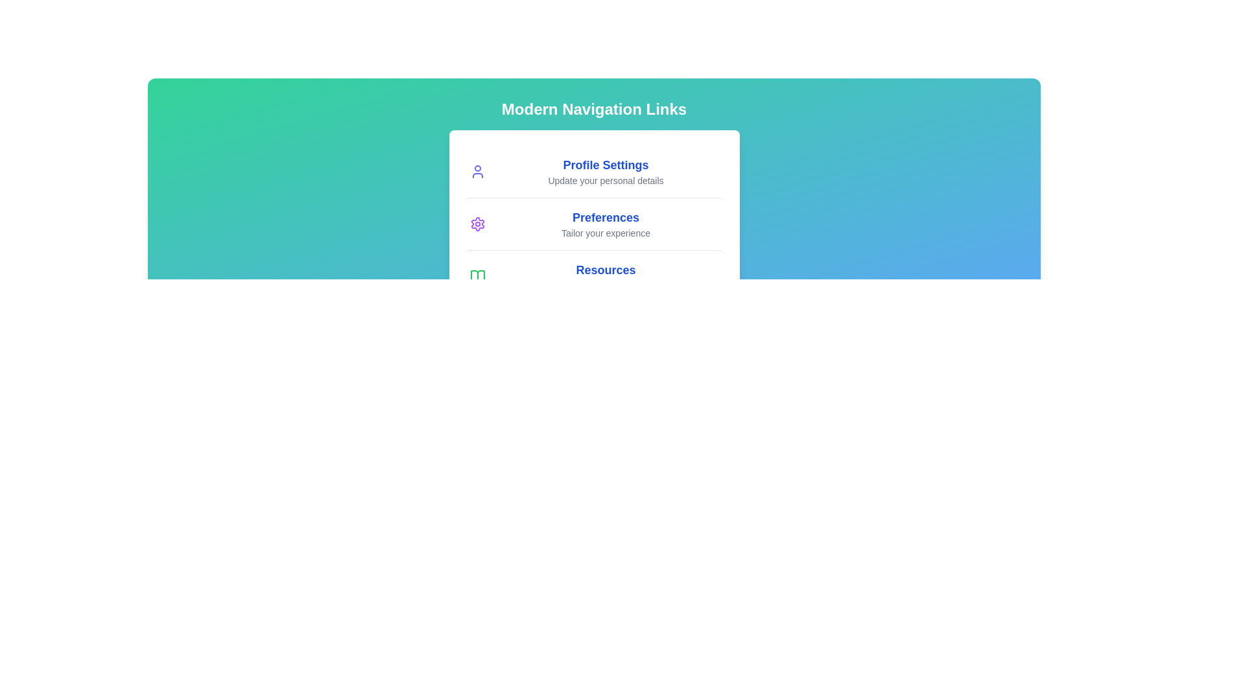  I want to click on the bold 'Preferences' navigation link, so click(605, 224).